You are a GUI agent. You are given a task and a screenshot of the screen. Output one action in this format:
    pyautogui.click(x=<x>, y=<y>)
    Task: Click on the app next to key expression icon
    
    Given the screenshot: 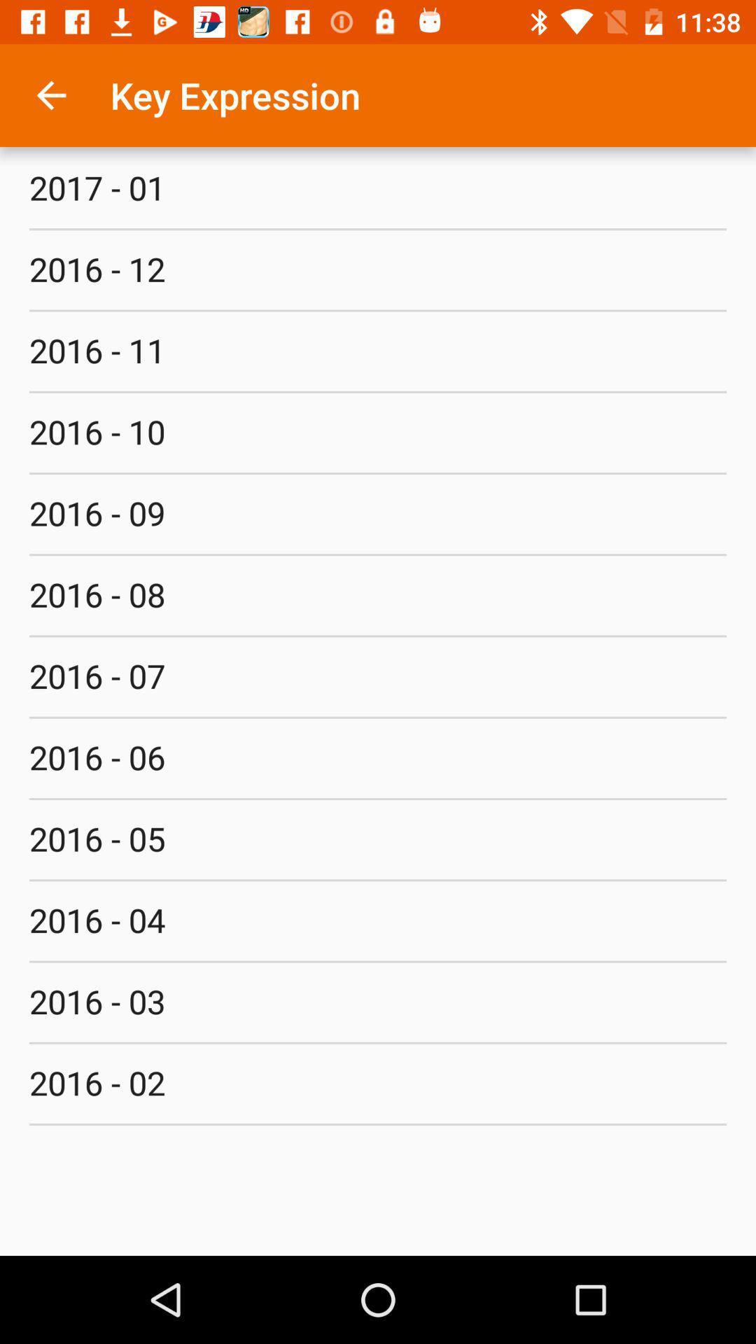 What is the action you would take?
    pyautogui.click(x=50, y=94)
    